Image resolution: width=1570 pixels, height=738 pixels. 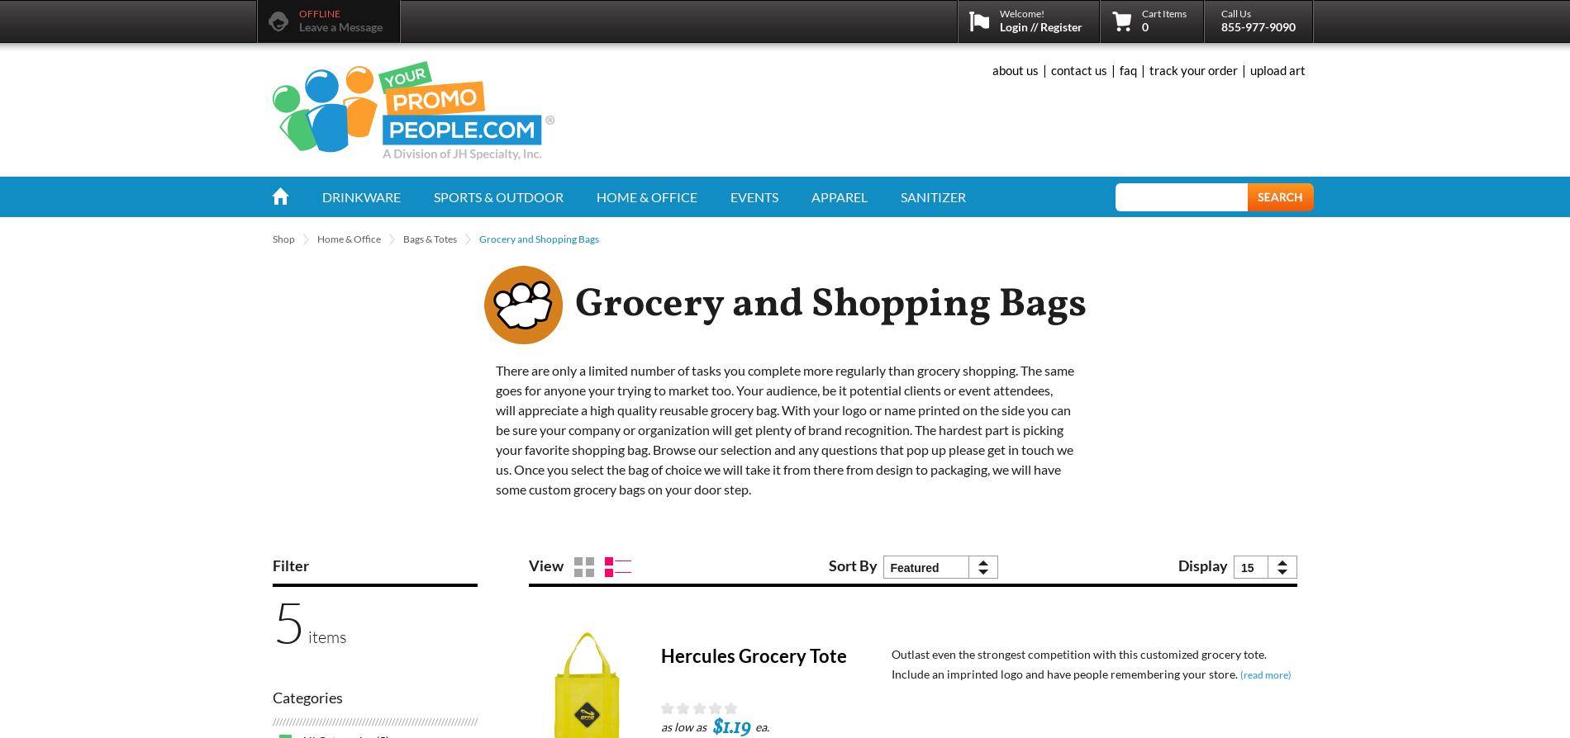 What do you see at coordinates (854, 564) in the screenshot?
I see `'Sort By'` at bounding box center [854, 564].